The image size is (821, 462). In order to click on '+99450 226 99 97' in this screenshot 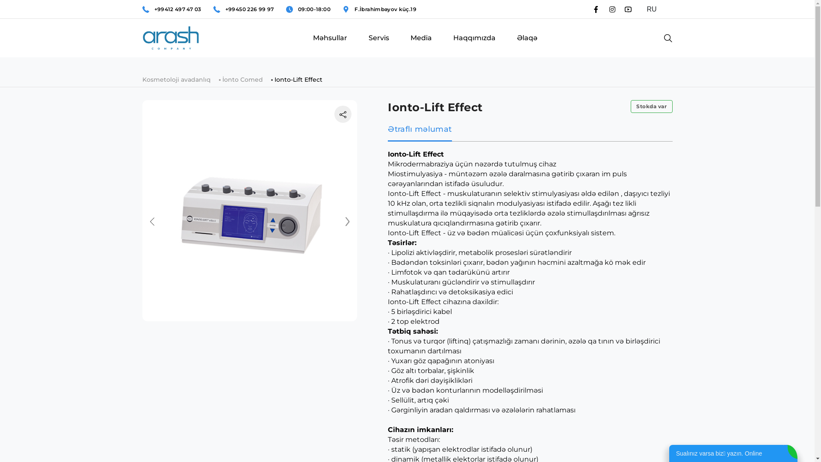, I will do `click(249, 9)`.